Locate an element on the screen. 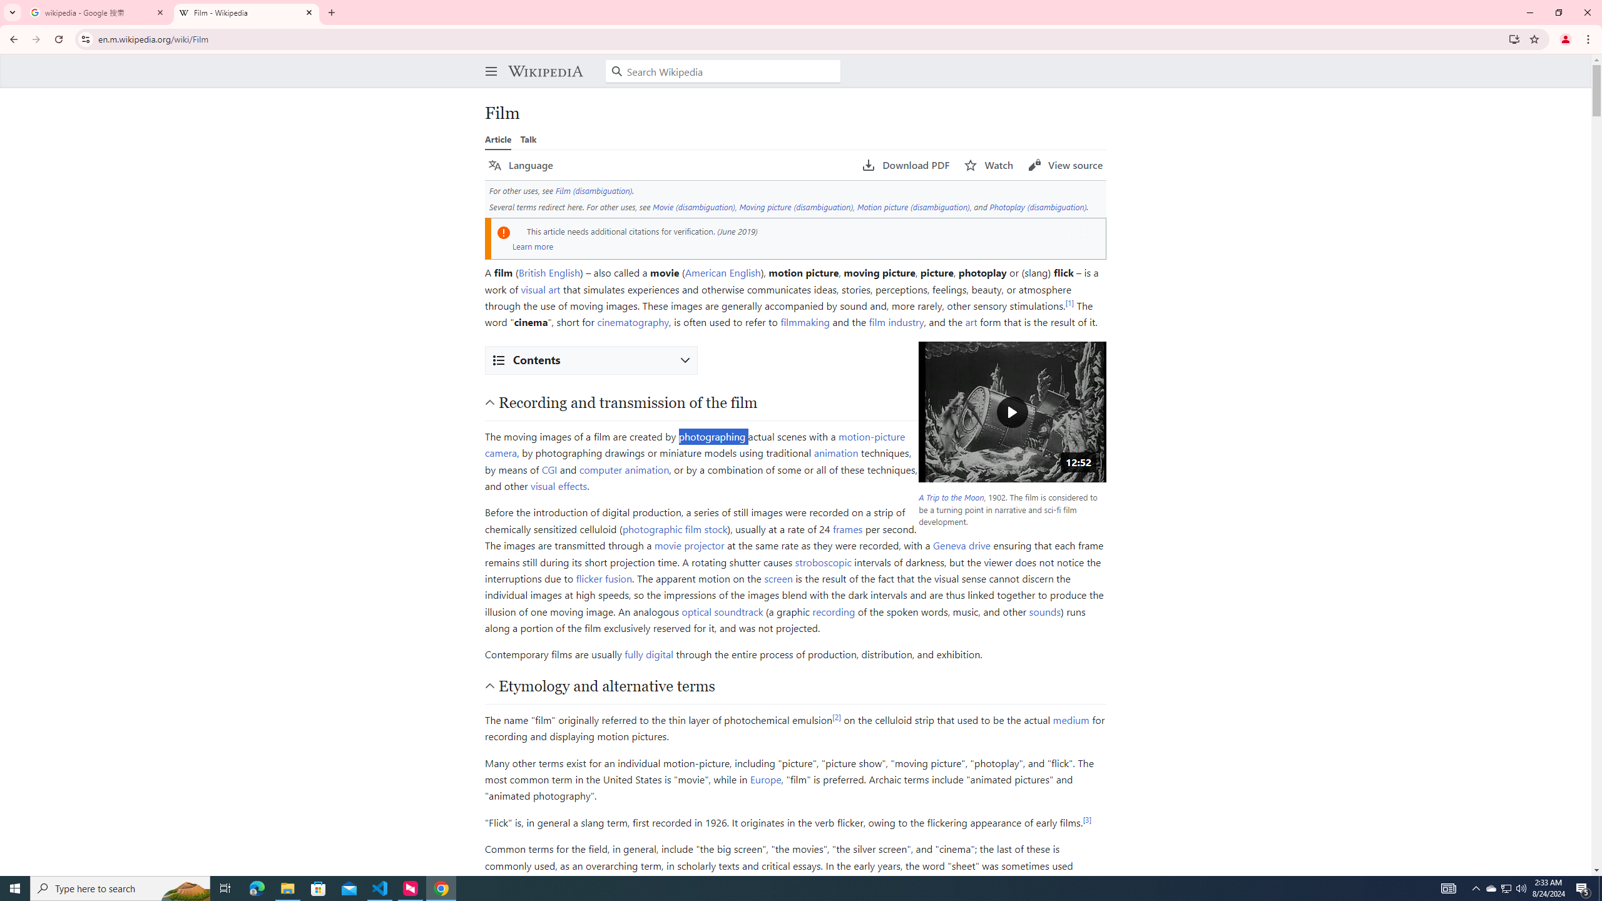 Image resolution: width=1602 pixels, height=901 pixels. 'AutomationID: language-selector' is located at coordinates (668, 165).